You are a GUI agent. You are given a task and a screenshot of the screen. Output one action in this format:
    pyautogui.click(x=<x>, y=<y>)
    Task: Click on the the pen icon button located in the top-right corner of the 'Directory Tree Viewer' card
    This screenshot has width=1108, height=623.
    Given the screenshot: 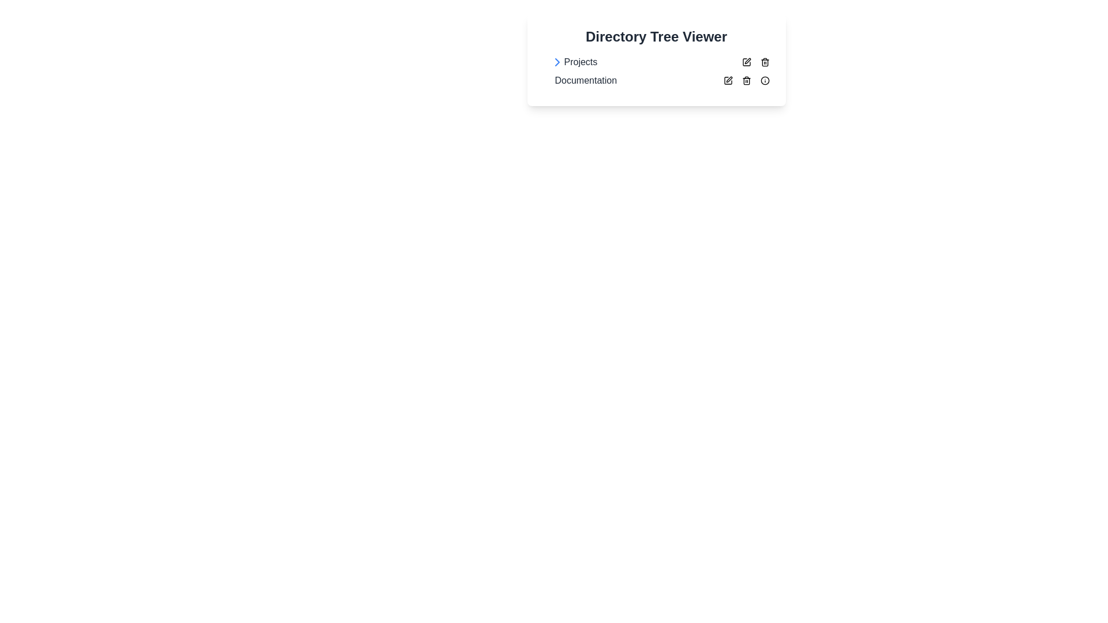 What is the action you would take?
    pyautogui.click(x=727, y=80)
    